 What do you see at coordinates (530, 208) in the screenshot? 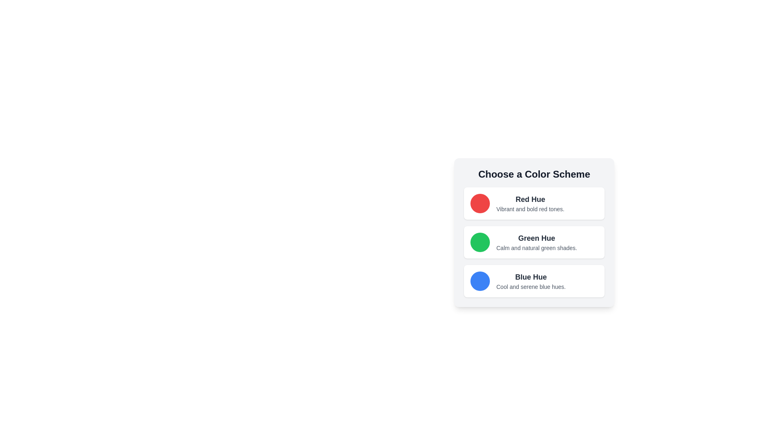
I see `the descriptive text label that provides additional information about the 'Red Hue' option in the color selection panel, located immediately below the 'Red Hue' title` at bounding box center [530, 208].